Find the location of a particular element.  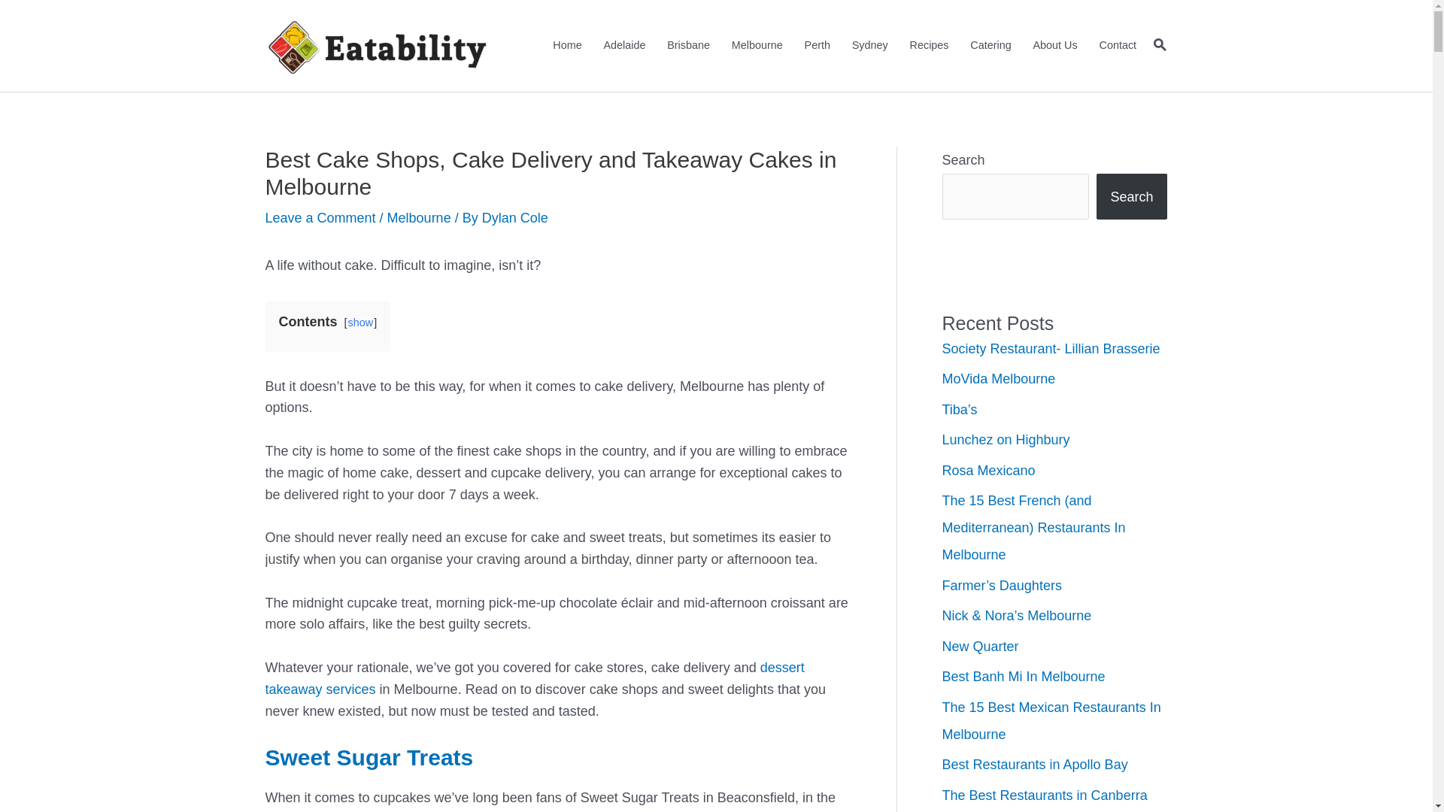

'Leave a Comment' is located at coordinates (319, 217).